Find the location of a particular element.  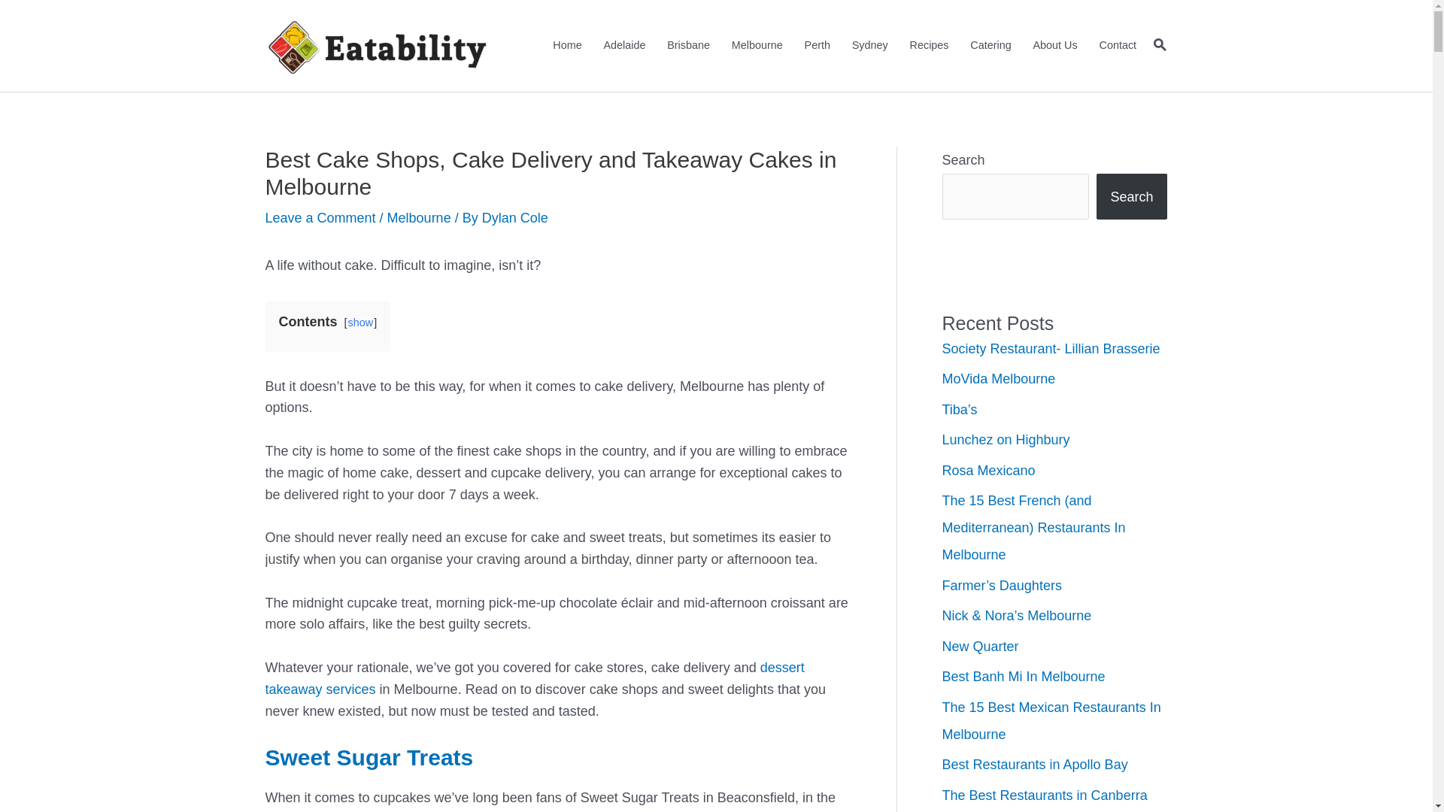

'Leave a Comment' is located at coordinates (319, 217).